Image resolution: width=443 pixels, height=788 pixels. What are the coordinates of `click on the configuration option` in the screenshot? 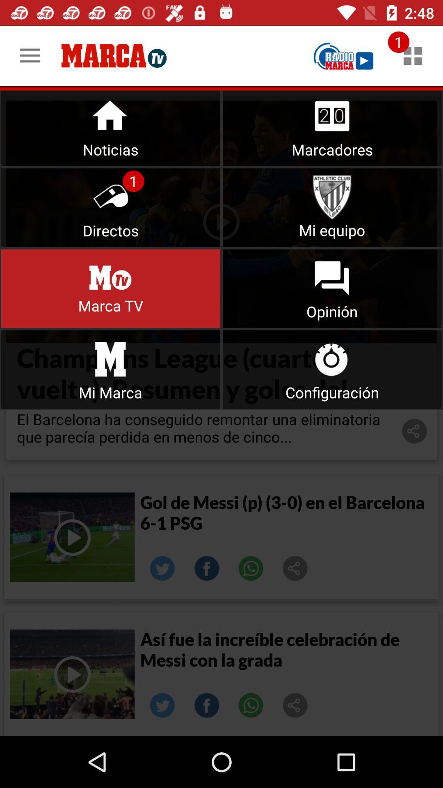 It's located at (332, 369).